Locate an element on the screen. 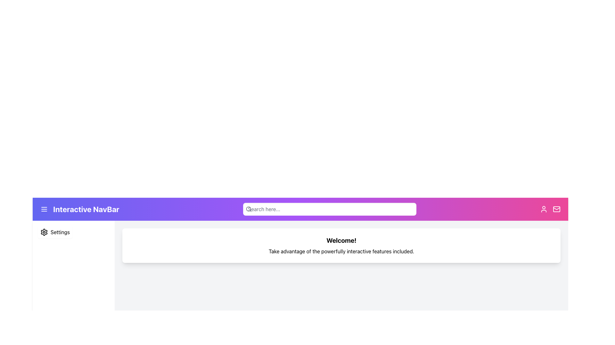 Image resolution: width=615 pixels, height=345 pixels. the magnifying glass icon, which is a sleek gray circular shape with a diagonal handle is located at coordinates (248, 209).